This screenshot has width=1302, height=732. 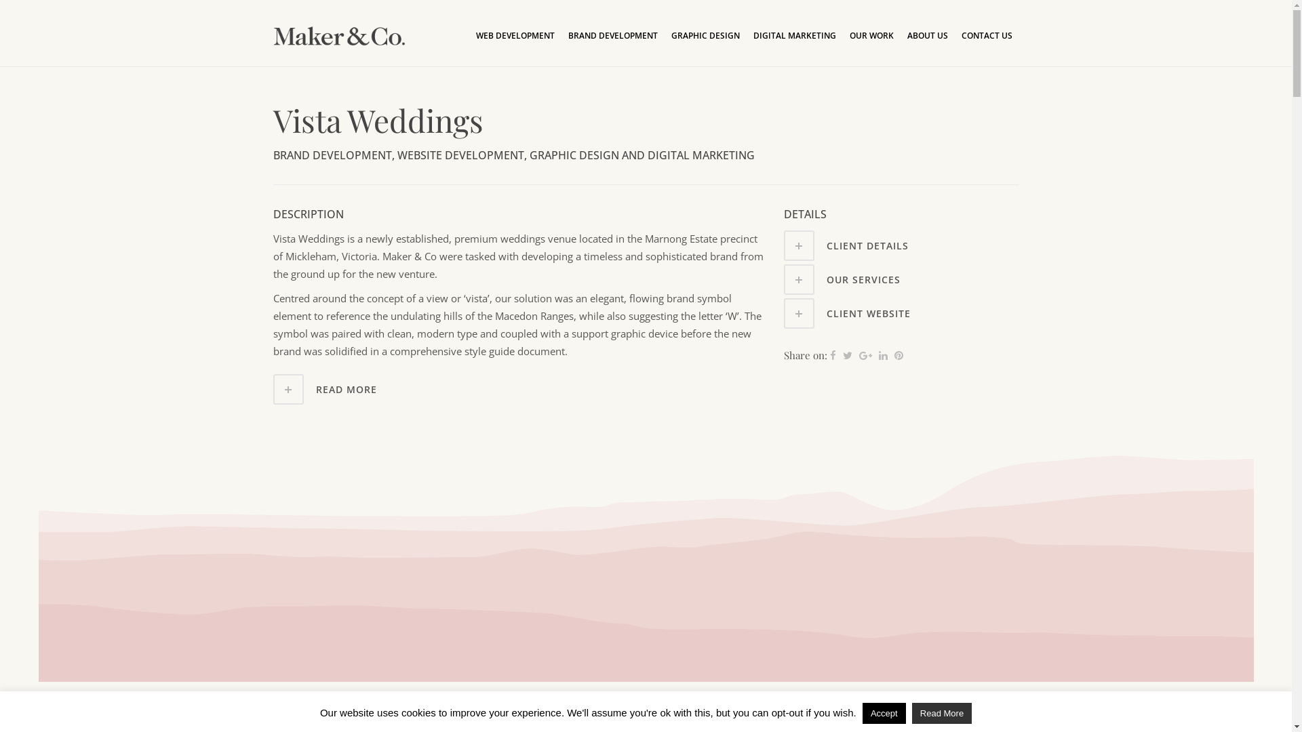 What do you see at coordinates (842, 35) in the screenshot?
I see `'OUR WORK'` at bounding box center [842, 35].